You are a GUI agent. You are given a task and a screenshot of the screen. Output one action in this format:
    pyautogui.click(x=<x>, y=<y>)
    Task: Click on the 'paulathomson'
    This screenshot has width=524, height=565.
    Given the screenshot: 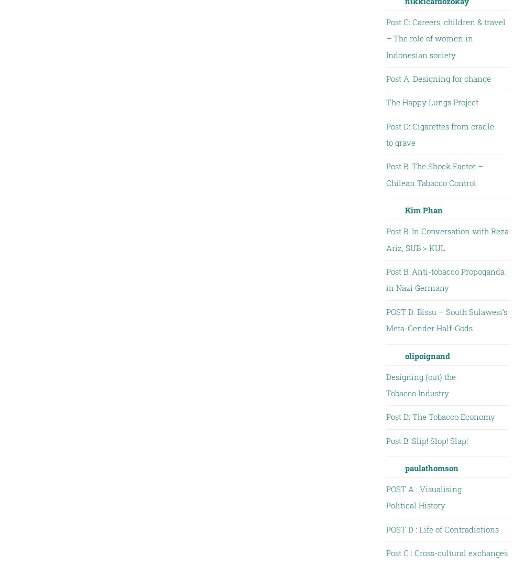 What is the action you would take?
    pyautogui.click(x=431, y=468)
    